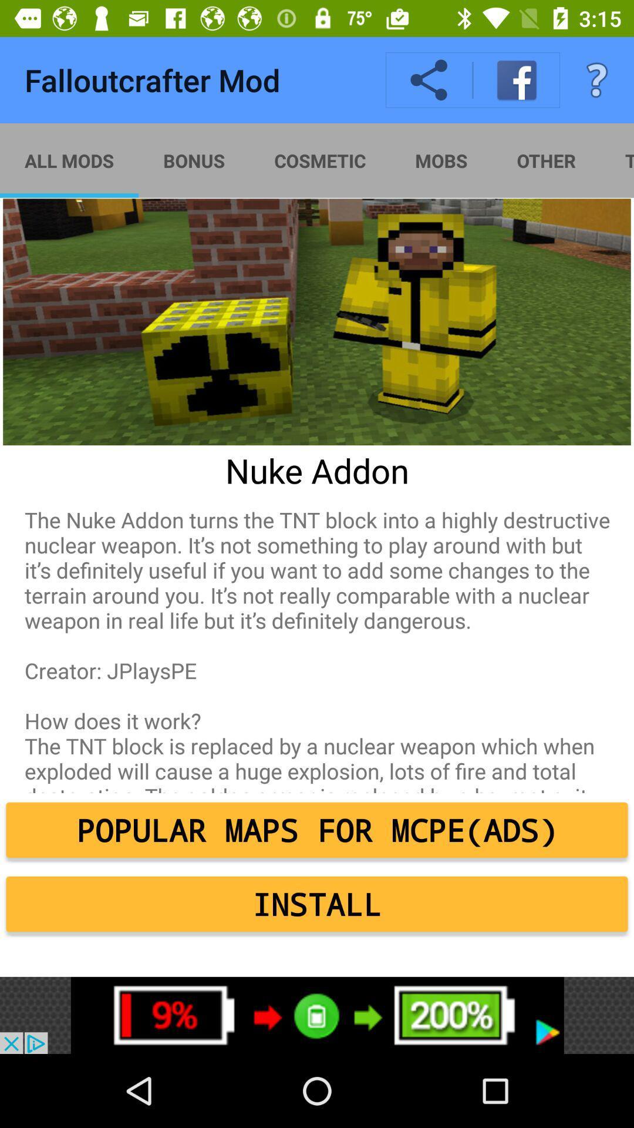 The image size is (634, 1128). Describe the element at coordinates (317, 1015) in the screenshot. I see `click bottom advertisement` at that location.